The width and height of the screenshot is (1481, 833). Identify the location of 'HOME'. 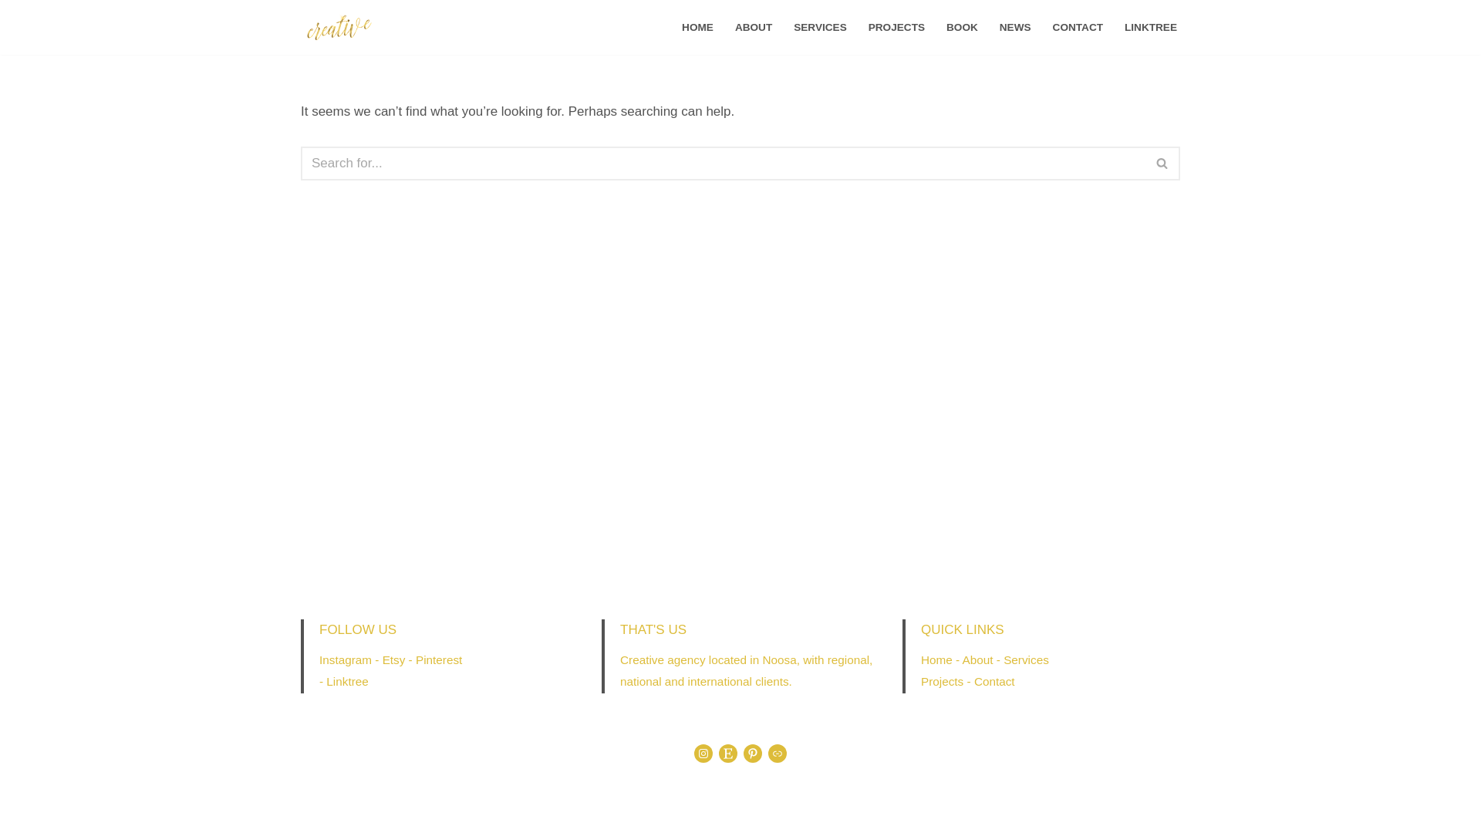
(697, 27).